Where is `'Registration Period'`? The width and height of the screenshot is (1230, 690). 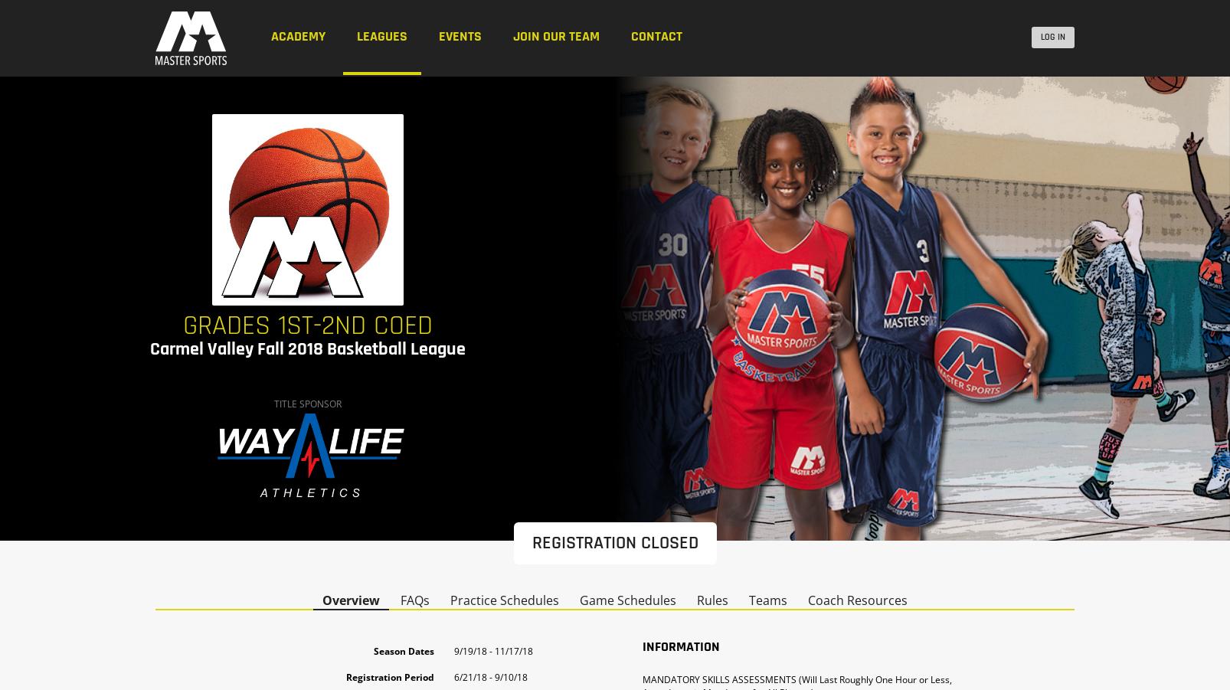
'Registration Period' is located at coordinates (388, 676).